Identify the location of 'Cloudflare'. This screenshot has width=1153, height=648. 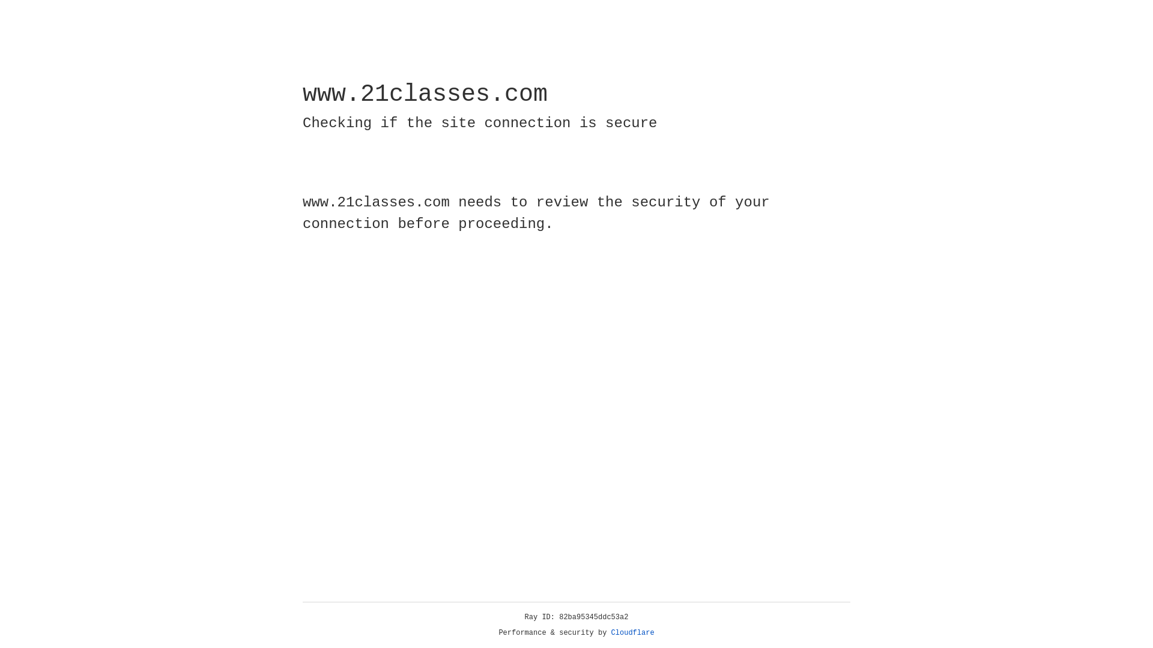
(632, 632).